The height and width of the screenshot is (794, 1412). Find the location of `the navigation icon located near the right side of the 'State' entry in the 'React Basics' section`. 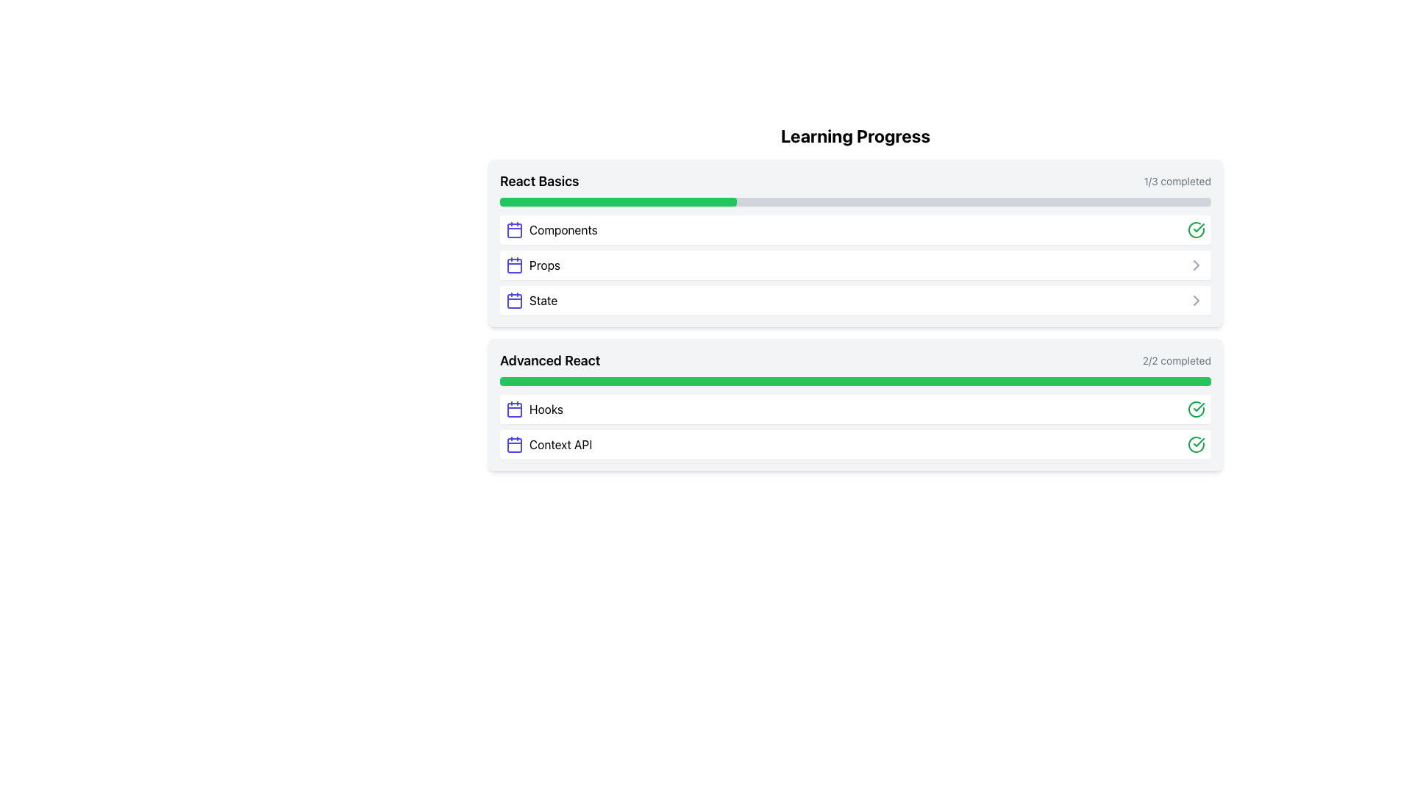

the navigation icon located near the right side of the 'State' entry in the 'React Basics' section is located at coordinates (1197, 265).